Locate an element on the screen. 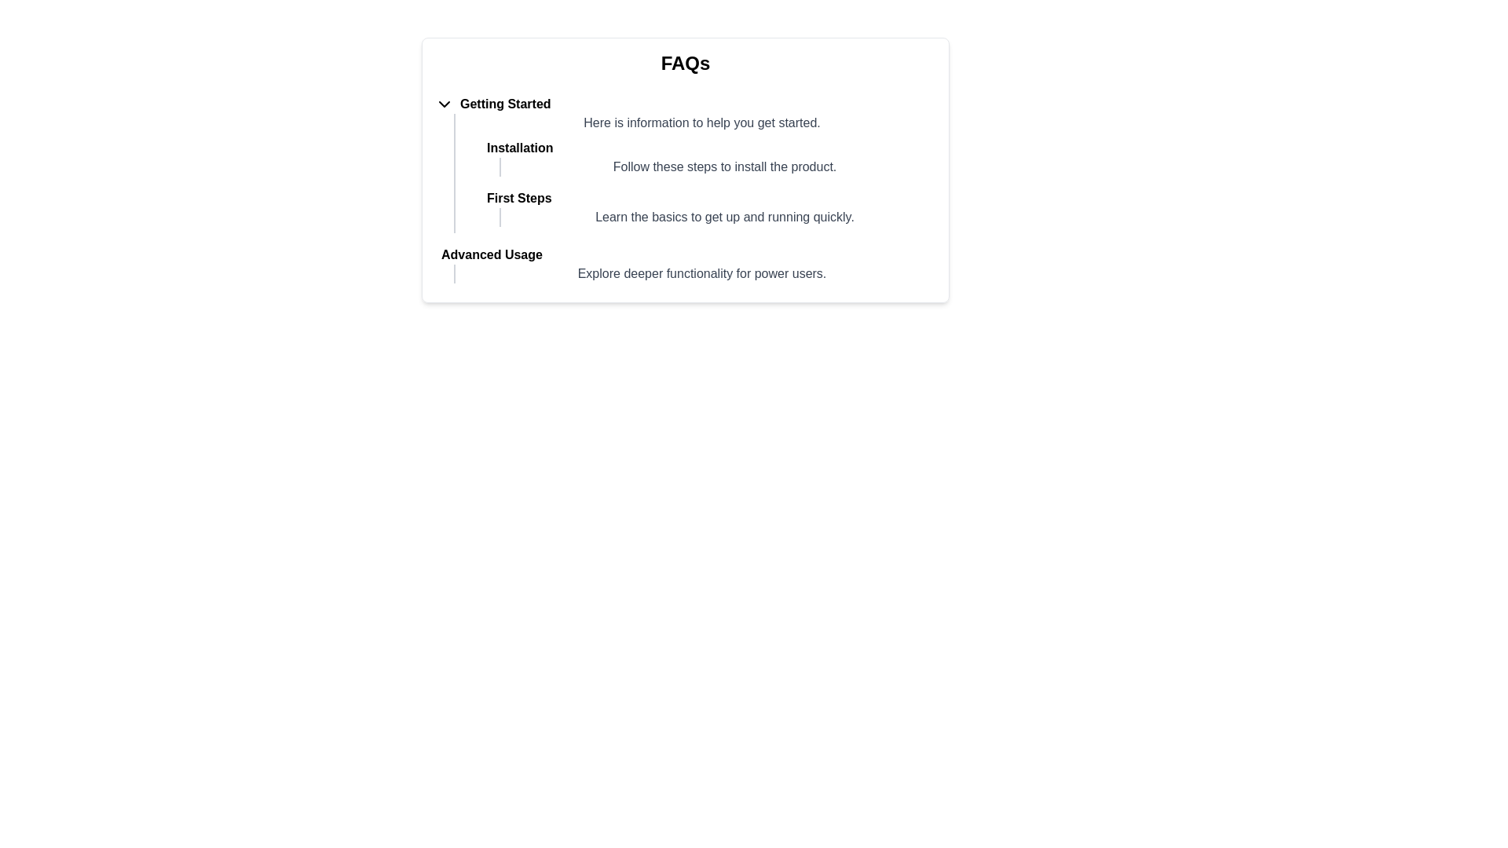 The width and height of the screenshot is (1508, 848). the static text content that provides introductory instructions in the 'First Steps' subsection of the 'Getting Started' section in the FAQ layout is located at coordinates (723, 217).